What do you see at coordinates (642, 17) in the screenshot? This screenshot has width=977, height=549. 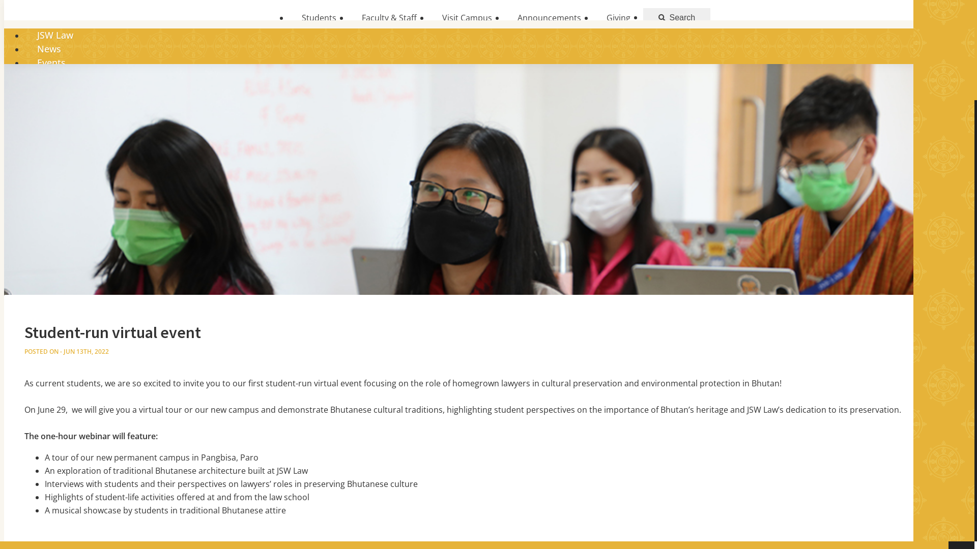 I see `'Search'` at bounding box center [642, 17].